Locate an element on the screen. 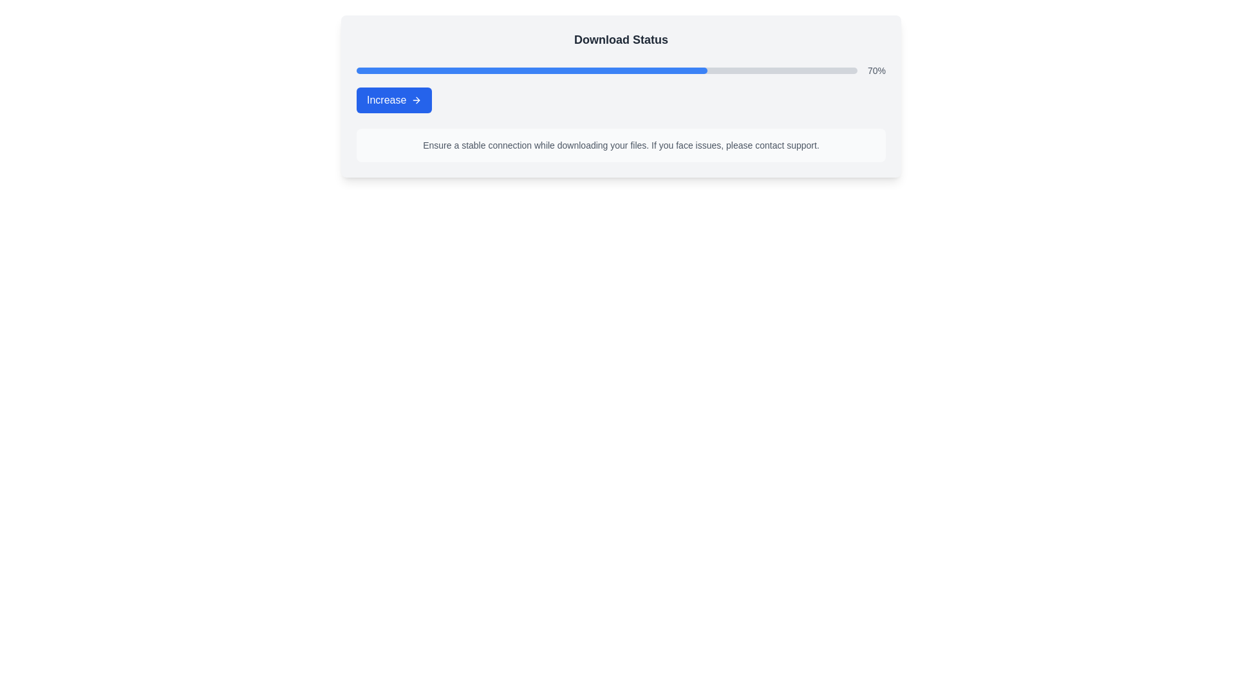  the rightward-pointing arrow icon located at the right of the text inside the 'Increase' button in the control section beneath the 'Download Status' loading bar is located at coordinates (418, 99).